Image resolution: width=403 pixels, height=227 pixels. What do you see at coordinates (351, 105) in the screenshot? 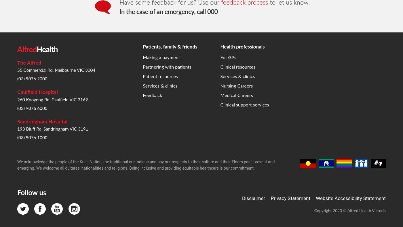
I see `'Website Accessibility Statement'` at bounding box center [351, 105].